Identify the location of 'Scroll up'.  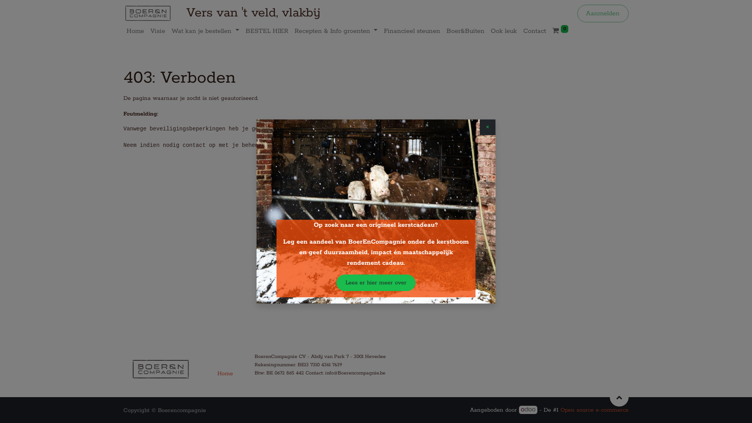
(609, 397).